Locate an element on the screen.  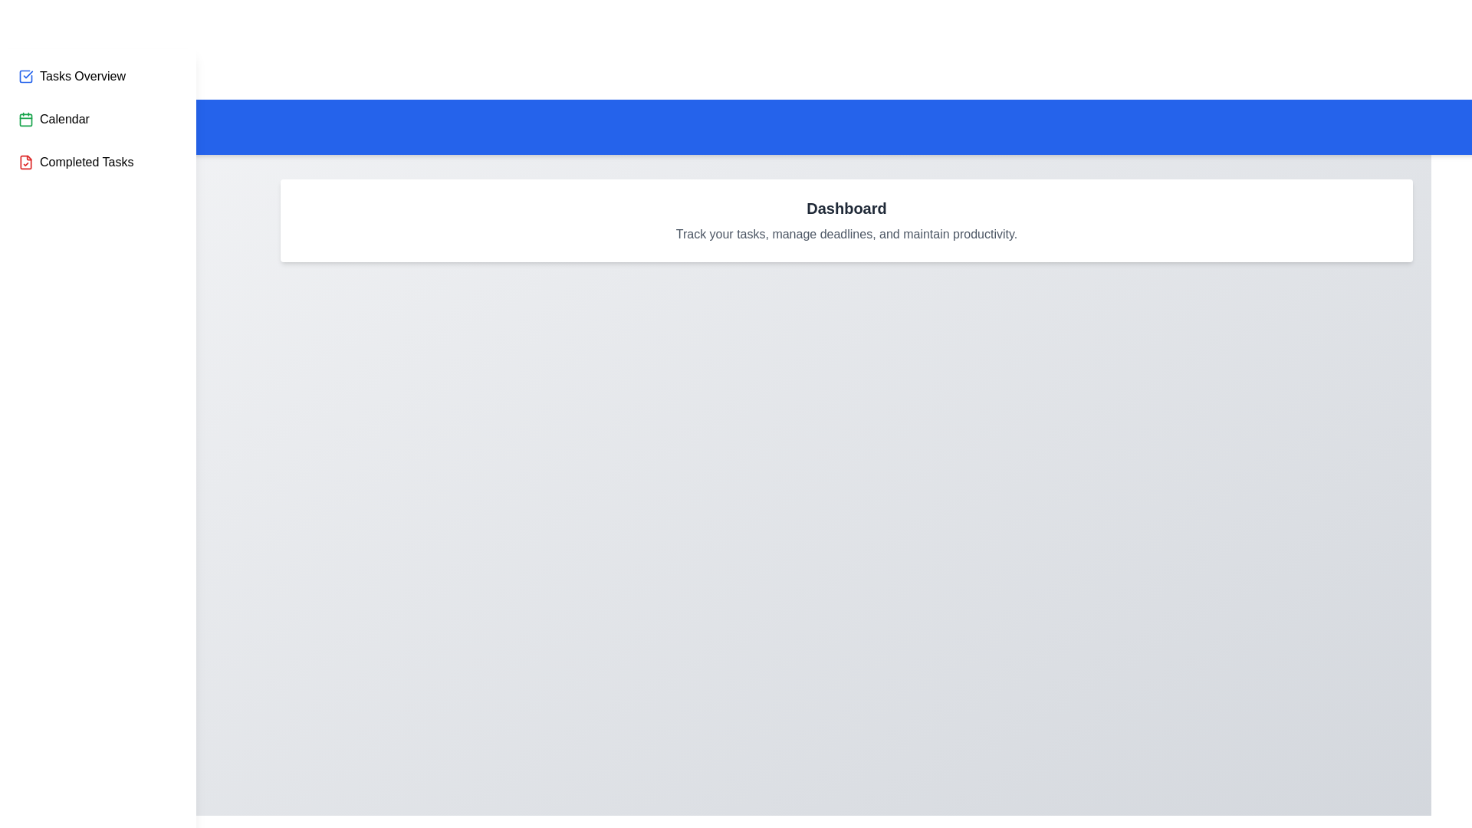
the text label that reads 'Track your tasks, manage deadlines, and maintain productivity', located below the 'Dashboard' heading in the central part of the layout is located at coordinates (846, 234).